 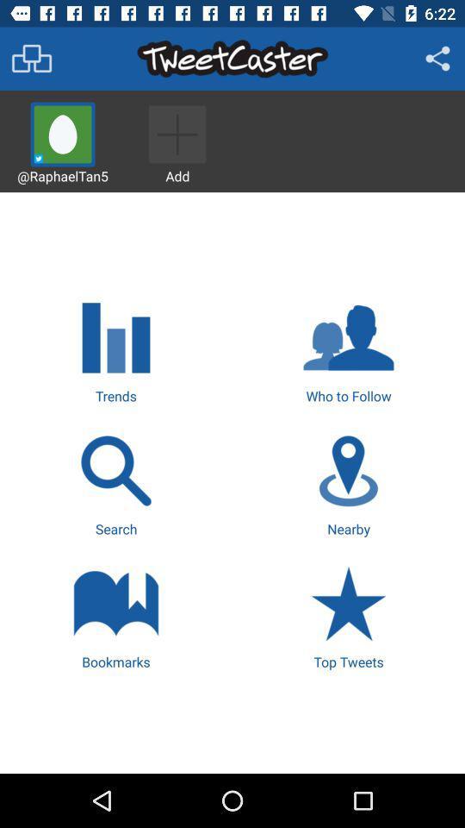 What do you see at coordinates (349, 483) in the screenshot?
I see `item to the right of search icon` at bounding box center [349, 483].